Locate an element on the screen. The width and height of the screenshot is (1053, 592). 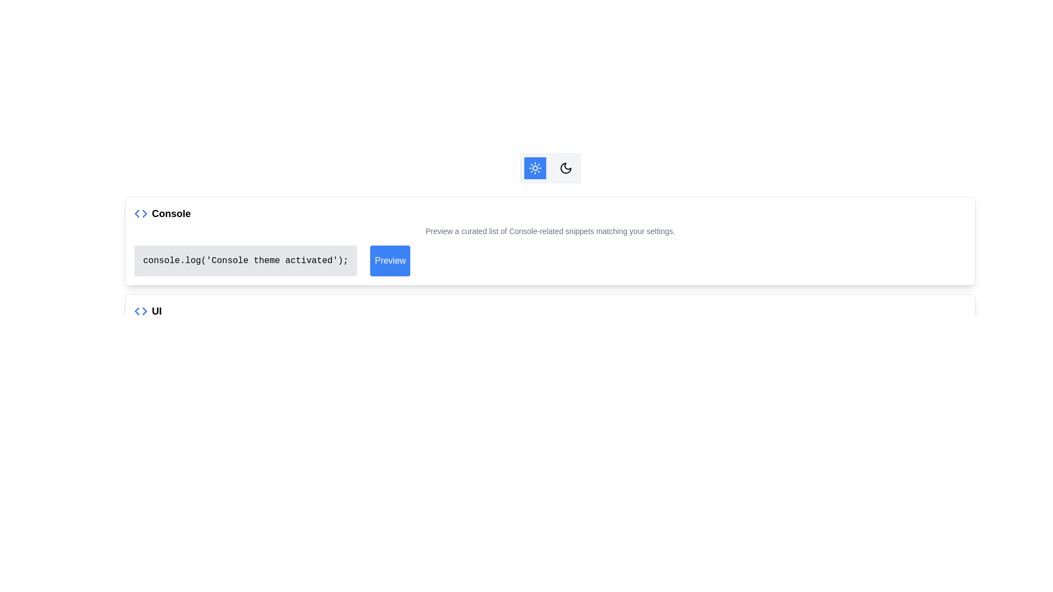
the button with a crescent moon icon is located at coordinates (565, 168).